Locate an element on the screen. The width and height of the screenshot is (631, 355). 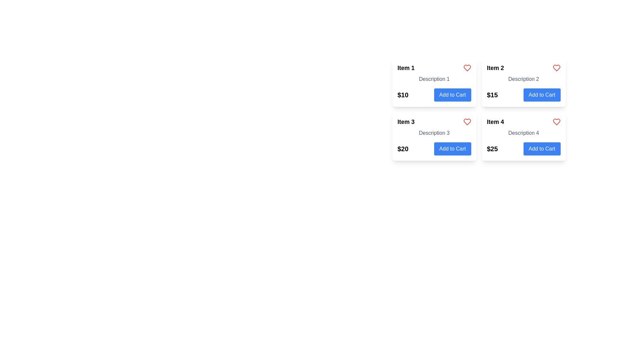
the button to add Item 4 with a price of $25 is located at coordinates (542, 149).